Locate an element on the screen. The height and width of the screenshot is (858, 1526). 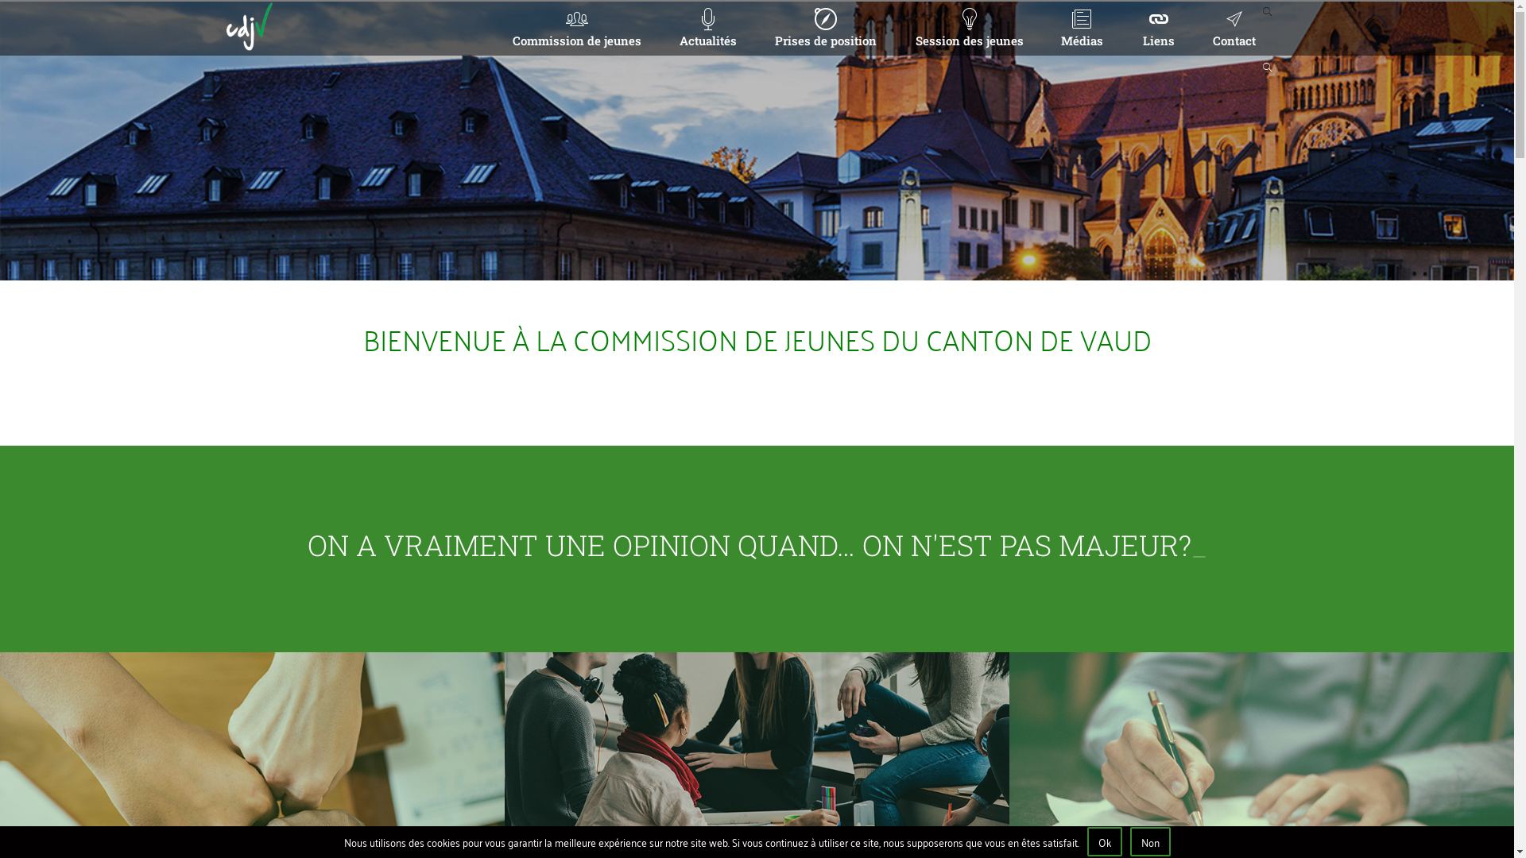
'Commission de jeunes' is located at coordinates (575, 27).